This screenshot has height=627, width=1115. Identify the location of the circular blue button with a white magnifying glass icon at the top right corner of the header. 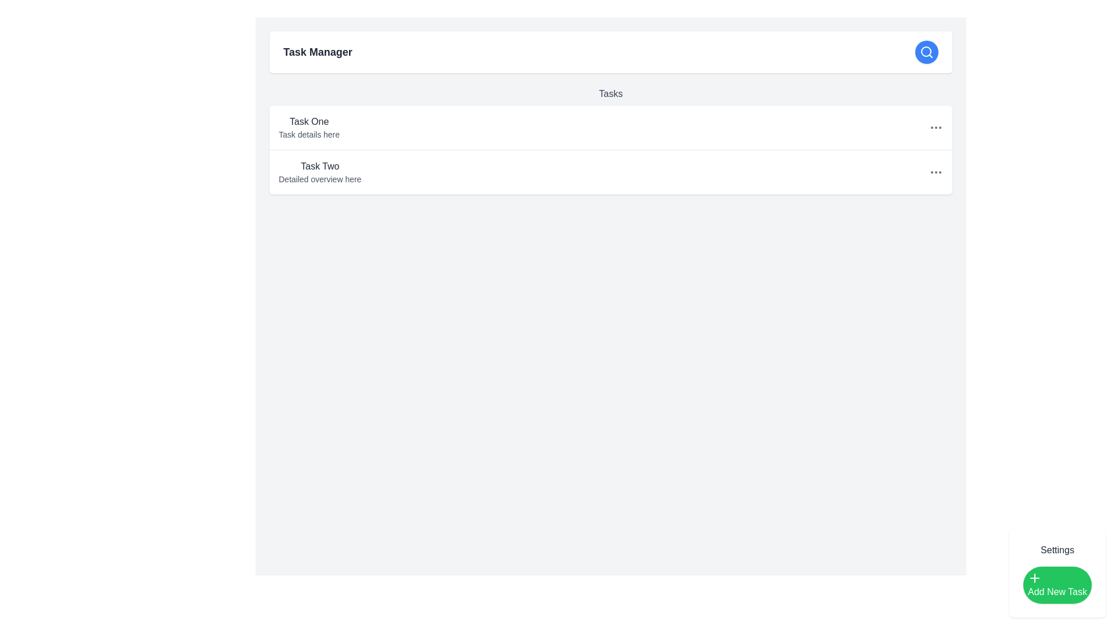
(926, 51).